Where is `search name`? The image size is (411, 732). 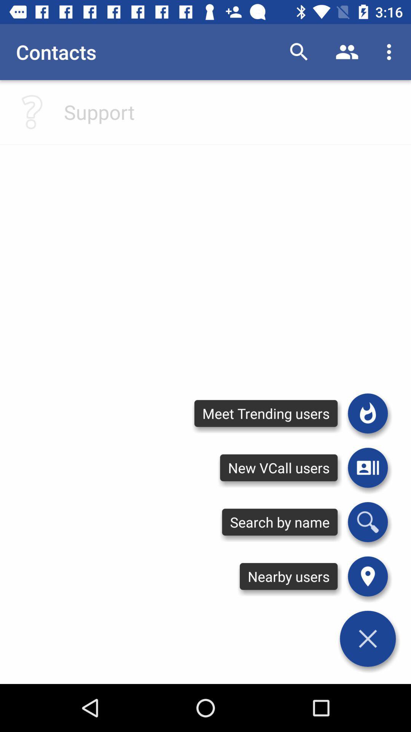 search name is located at coordinates (367, 522).